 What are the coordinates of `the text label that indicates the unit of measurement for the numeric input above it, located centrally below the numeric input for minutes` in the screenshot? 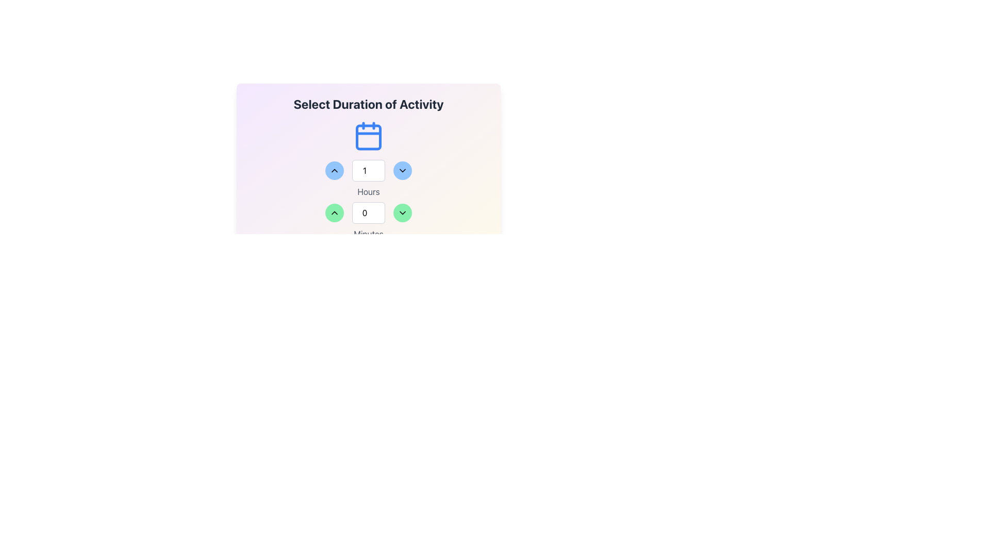 It's located at (369, 234).